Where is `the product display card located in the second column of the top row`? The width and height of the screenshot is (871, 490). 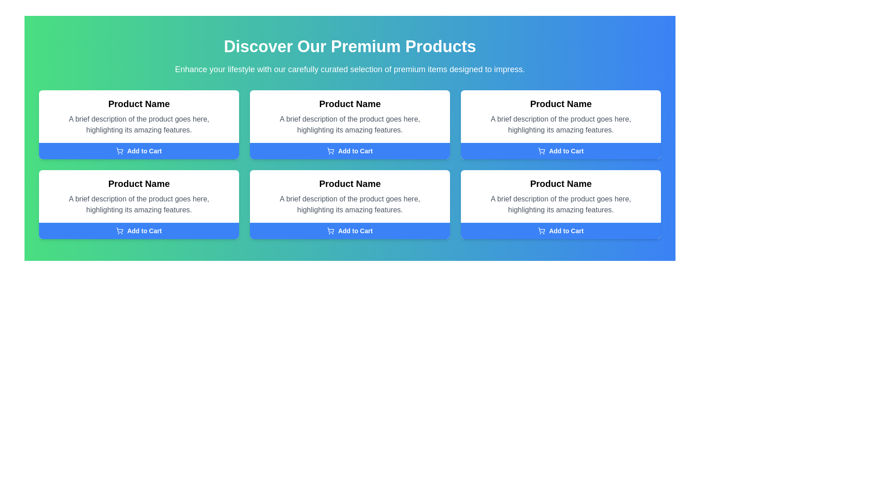
the product display card located in the second column of the top row is located at coordinates (349, 124).